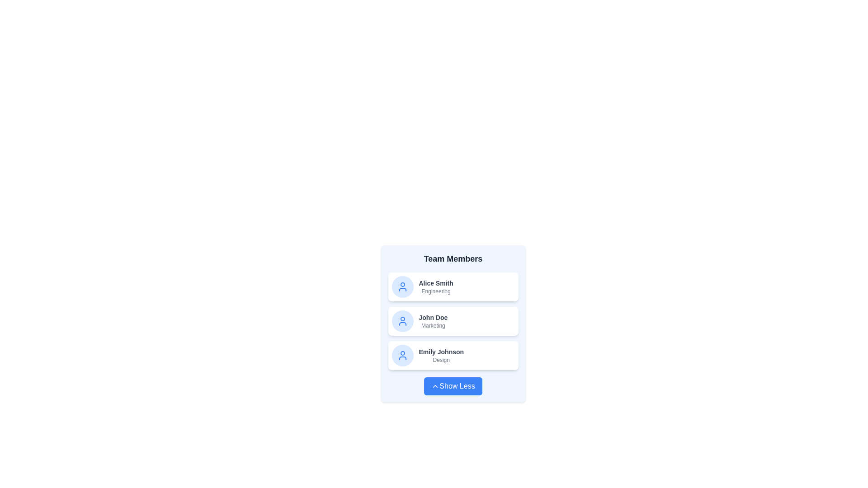  What do you see at coordinates (402, 320) in the screenshot?
I see `the circular light blue icon with a dark blue user profile symbol in the upper-left section of John Doe's Marketing card` at bounding box center [402, 320].